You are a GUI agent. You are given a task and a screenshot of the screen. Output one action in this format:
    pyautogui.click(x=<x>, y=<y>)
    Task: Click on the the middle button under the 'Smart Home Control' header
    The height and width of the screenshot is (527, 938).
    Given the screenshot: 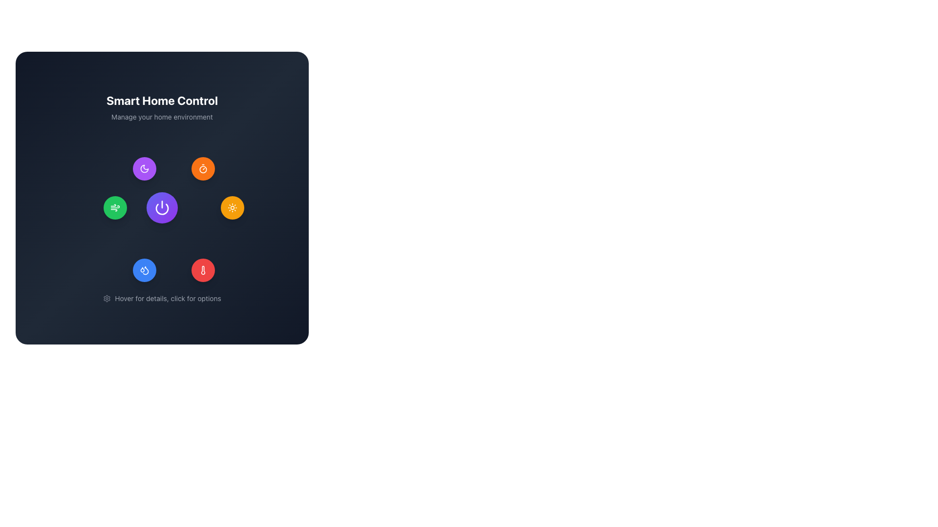 What is the action you would take?
    pyautogui.click(x=162, y=198)
    